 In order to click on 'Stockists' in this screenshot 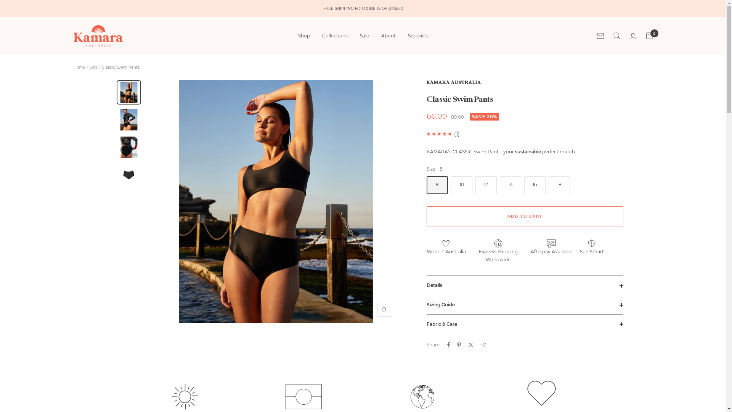, I will do `click(418, 36)`.